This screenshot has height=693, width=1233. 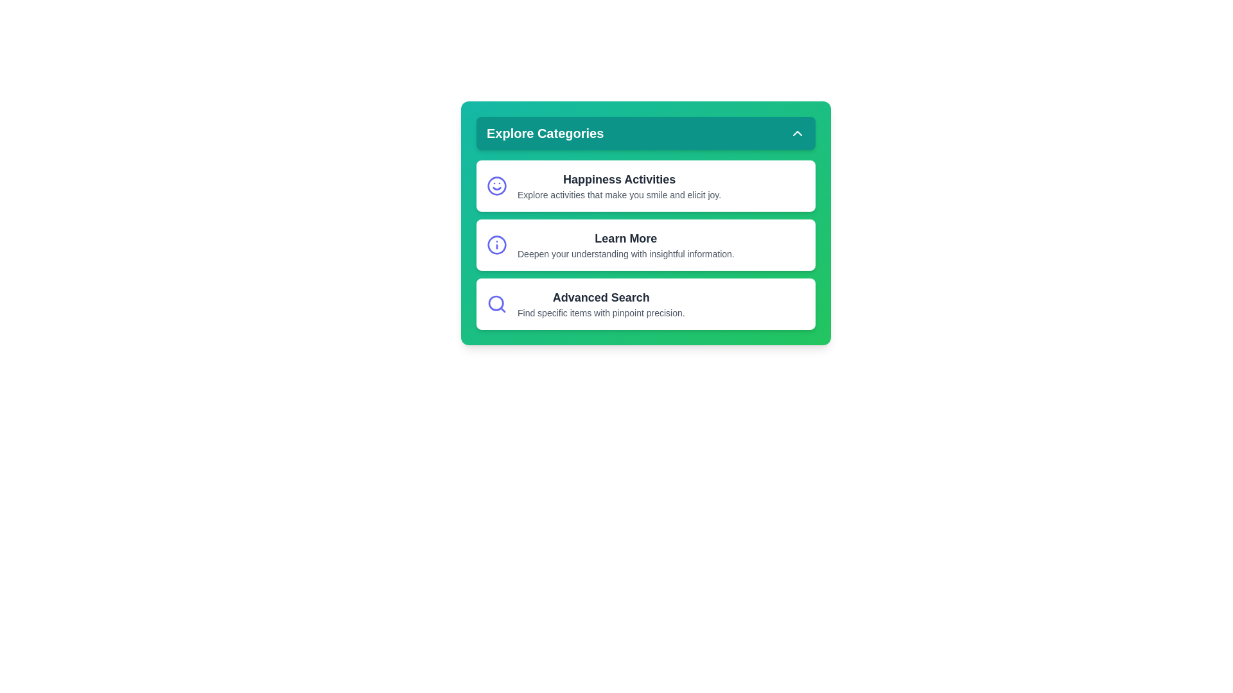 I want to click on the category labeled Happiness Activities to interact with it, so click(x=646, y=185).